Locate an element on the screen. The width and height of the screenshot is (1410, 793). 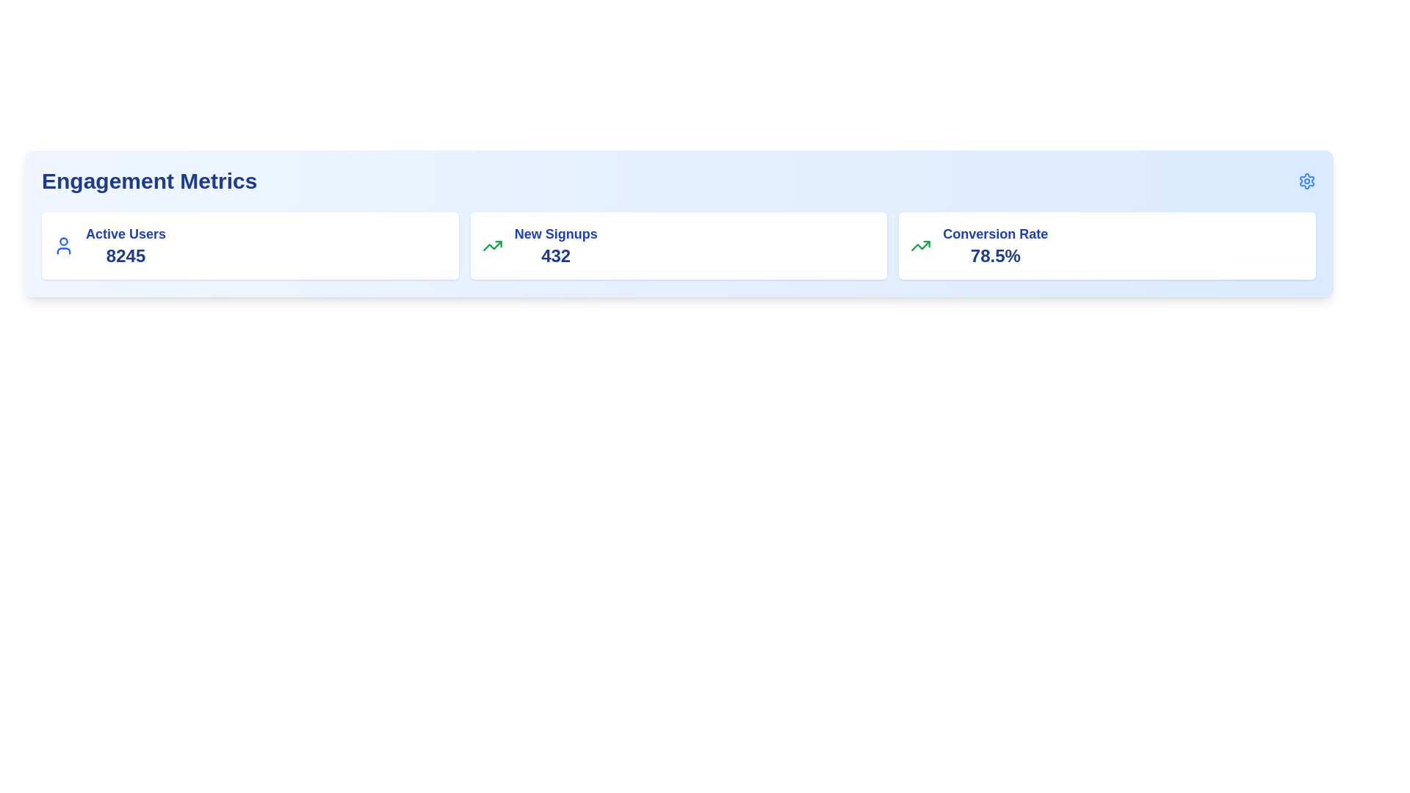
the static text display element showing '8245' under the heading 'Active Users' in the 'Engagement Metrics' section is located at coordinates (126, 255).